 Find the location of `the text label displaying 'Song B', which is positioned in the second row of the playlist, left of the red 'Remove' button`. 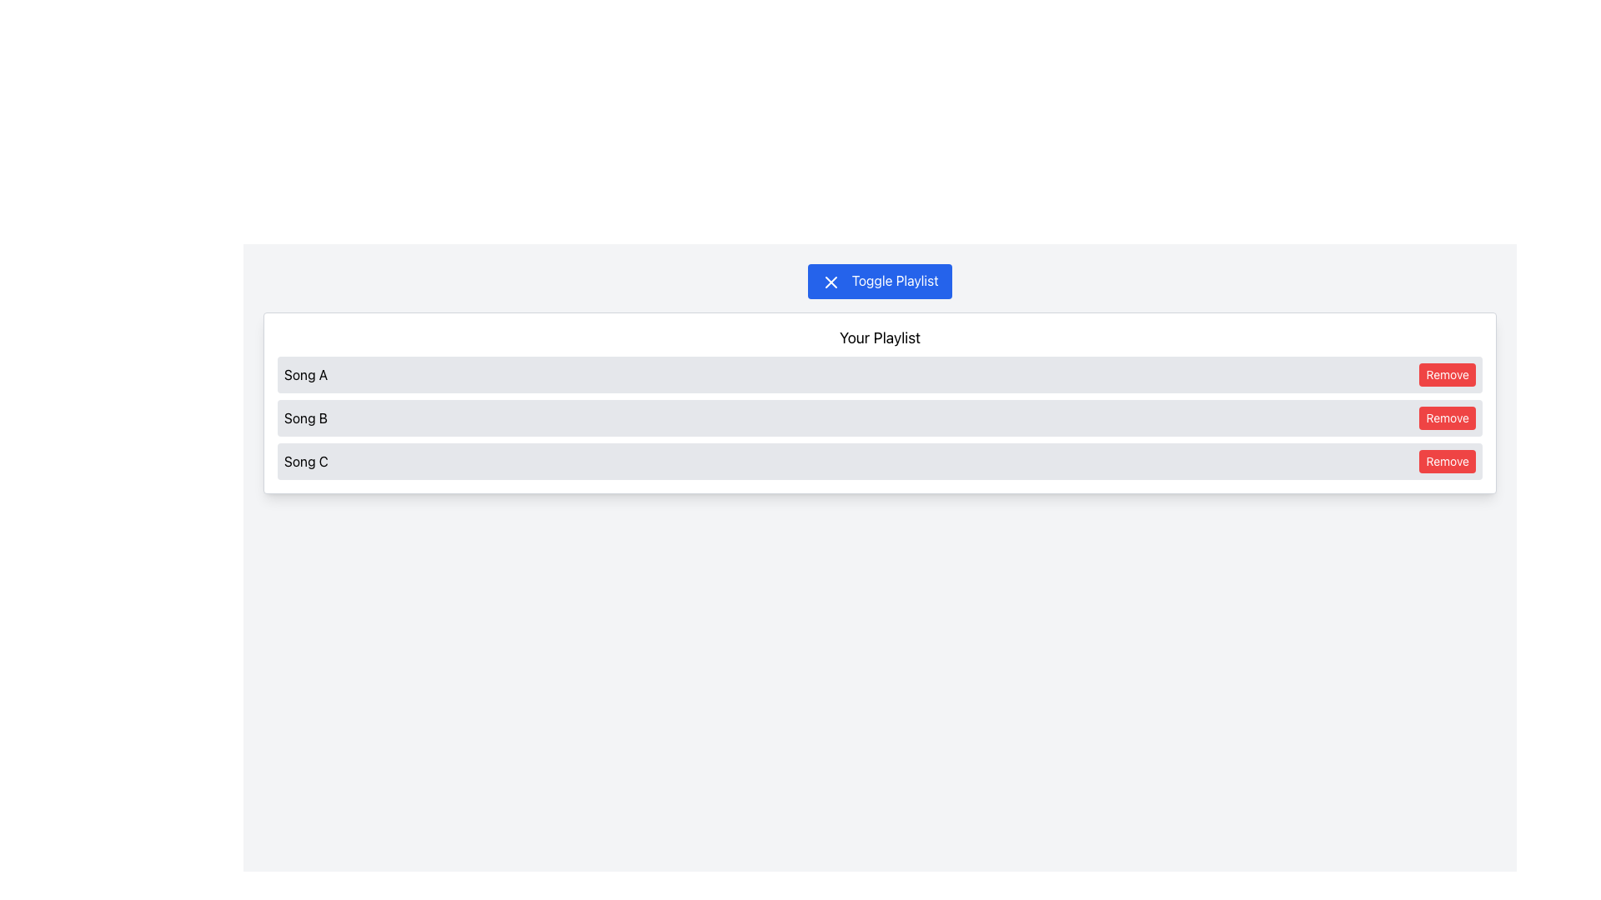

the text label displaying 'Song B', which is positioned in the second row of the playlist, left of the red 'Remove' button is located at coordinates (305, 417).